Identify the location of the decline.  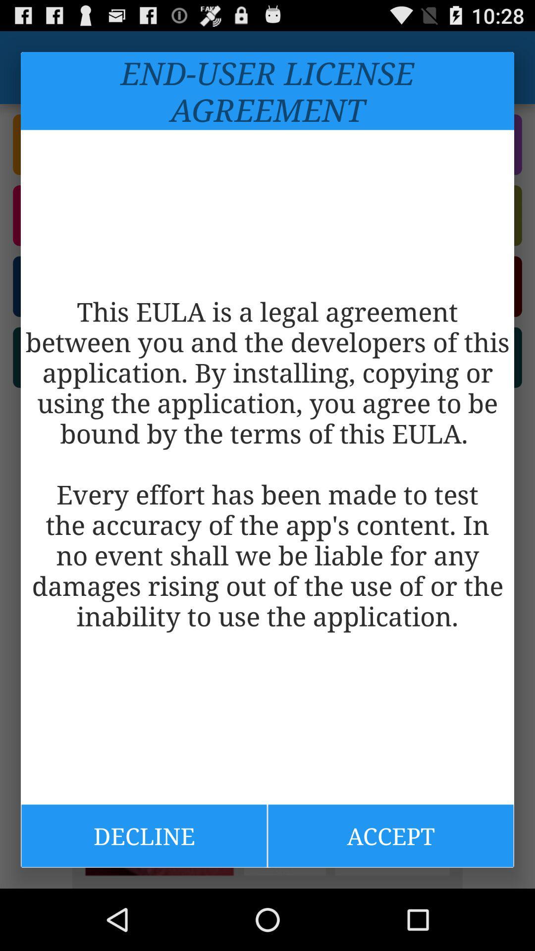
(144, 835).